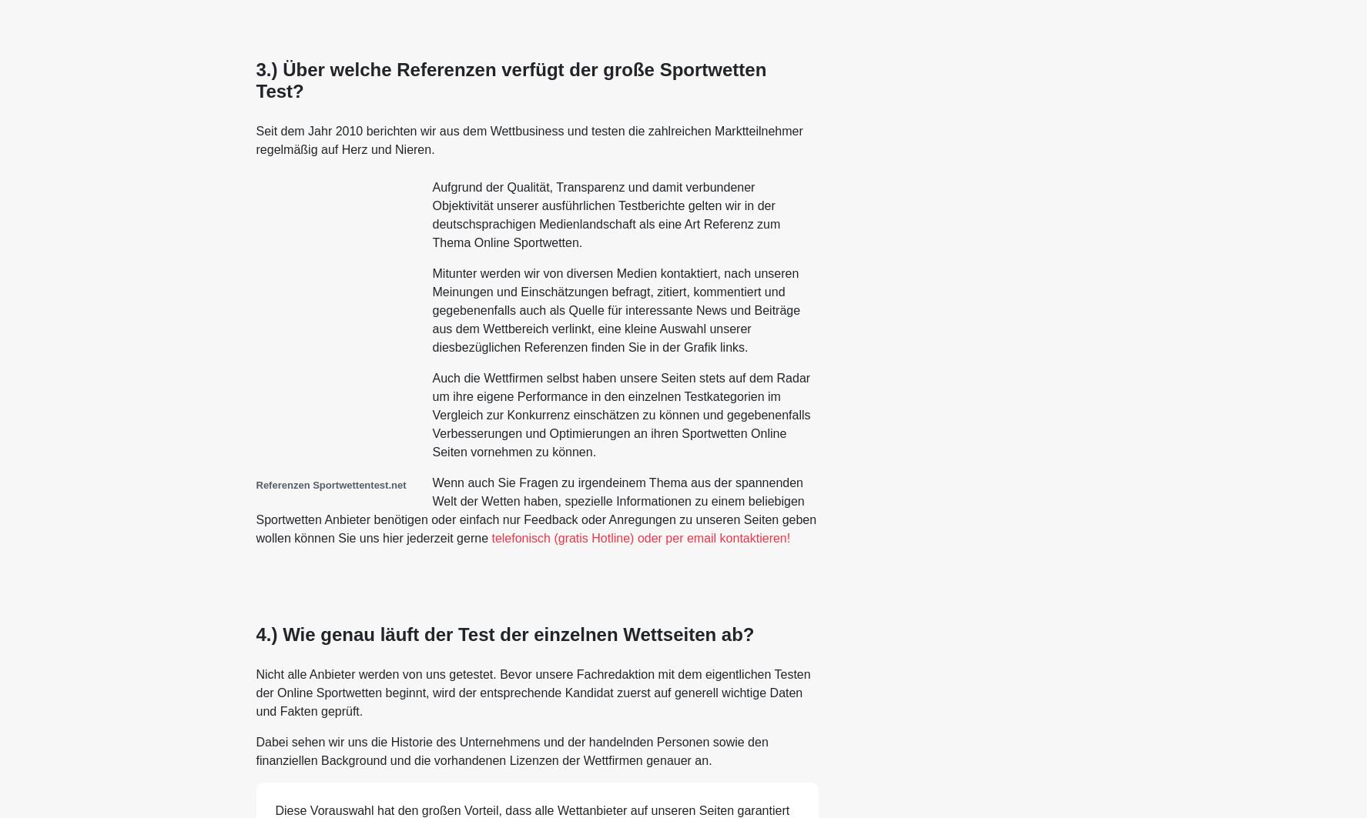  What do you see at coordinates (528, 140) in the screenshot?
I see `'Seit dem Jahr 2010 berichten wir aus dem Wettbusiness und testen die zahlreichen Marktteilnehmer regelmäßig auf Herz und Nieren.'` at bounding box center [528, 140].